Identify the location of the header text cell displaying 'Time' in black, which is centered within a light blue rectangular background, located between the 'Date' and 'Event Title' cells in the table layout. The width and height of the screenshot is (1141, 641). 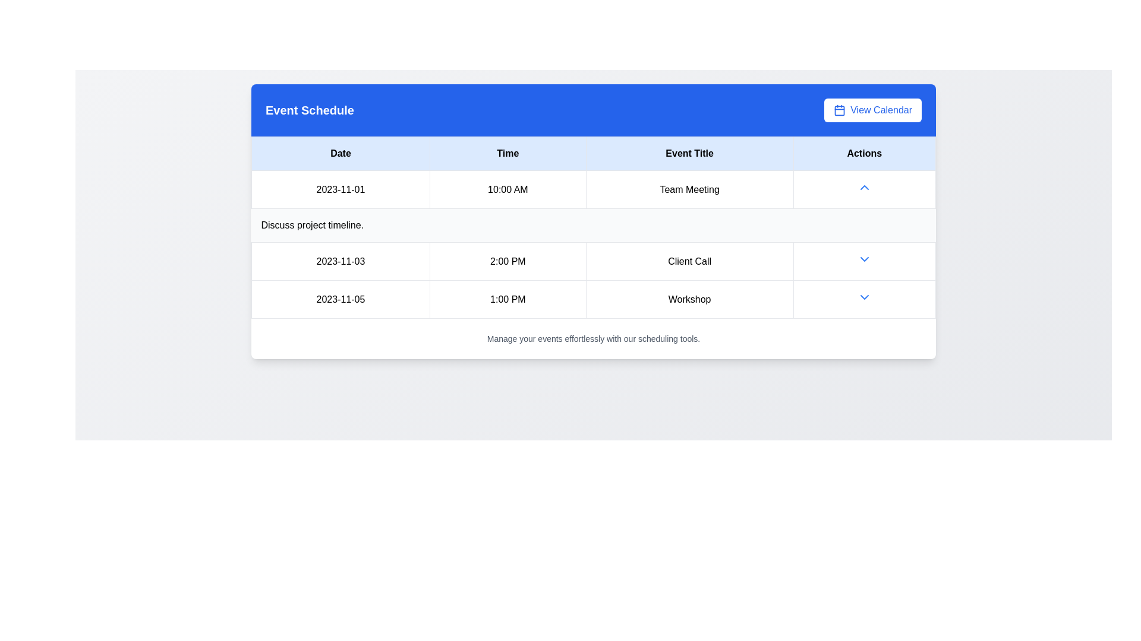
(508, 153).